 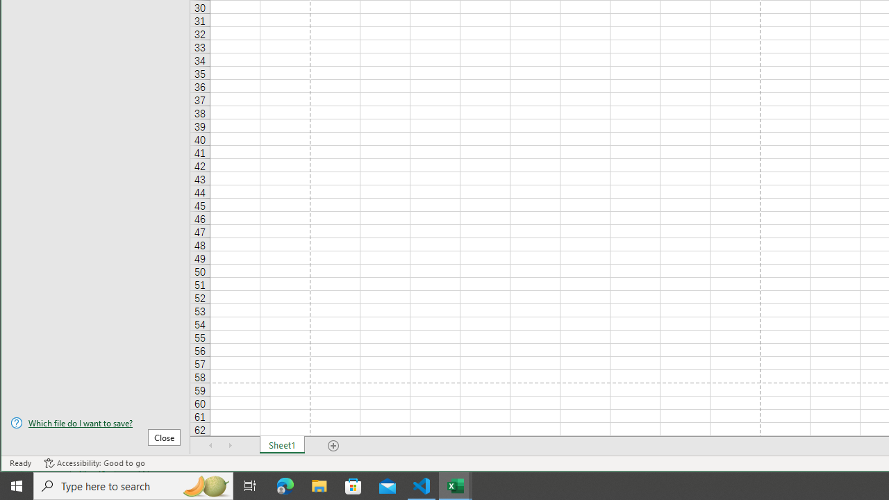 What do you see at coordinates (285, 485) in the screenshot?
I see `'Microsoft Edge'` at bounding box center [285, 485].